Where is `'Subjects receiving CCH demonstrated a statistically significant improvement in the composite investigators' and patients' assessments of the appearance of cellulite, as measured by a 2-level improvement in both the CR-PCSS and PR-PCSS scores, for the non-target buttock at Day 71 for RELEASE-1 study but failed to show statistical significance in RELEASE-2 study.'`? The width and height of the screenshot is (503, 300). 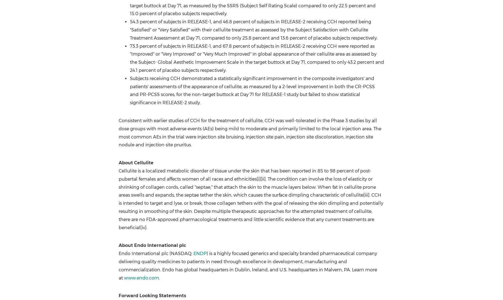
'Subjects receiving CCH demonstrated a statistically significant improvement in the composite investigators' and patients' assessments of the appearance of cellulite, as measured by a 2-level improvement in both the CR-PCSS and PR-PCSS scores, for the non-target buttock at Day 71 for RELEASE-1 study but failed to show statistical significance in RELEASE-2 study.' is located at coordinates (252, 90).